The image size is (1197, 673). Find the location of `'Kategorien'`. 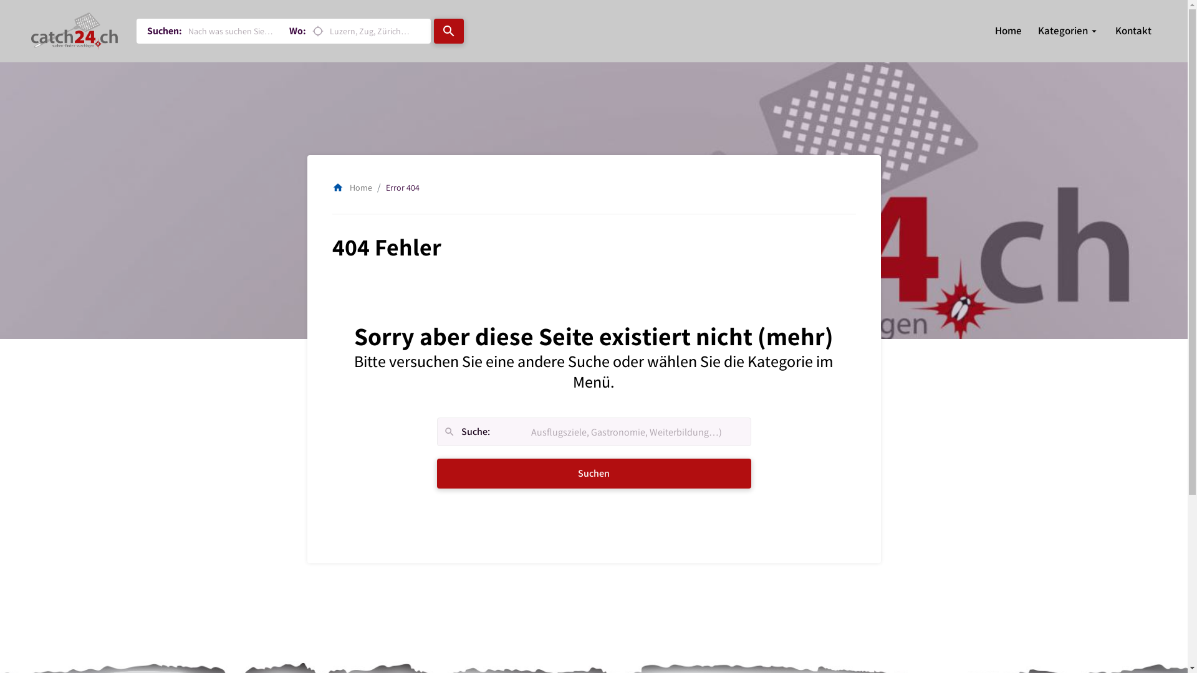

'Kategorien' is located at coordinates (1062, 31).